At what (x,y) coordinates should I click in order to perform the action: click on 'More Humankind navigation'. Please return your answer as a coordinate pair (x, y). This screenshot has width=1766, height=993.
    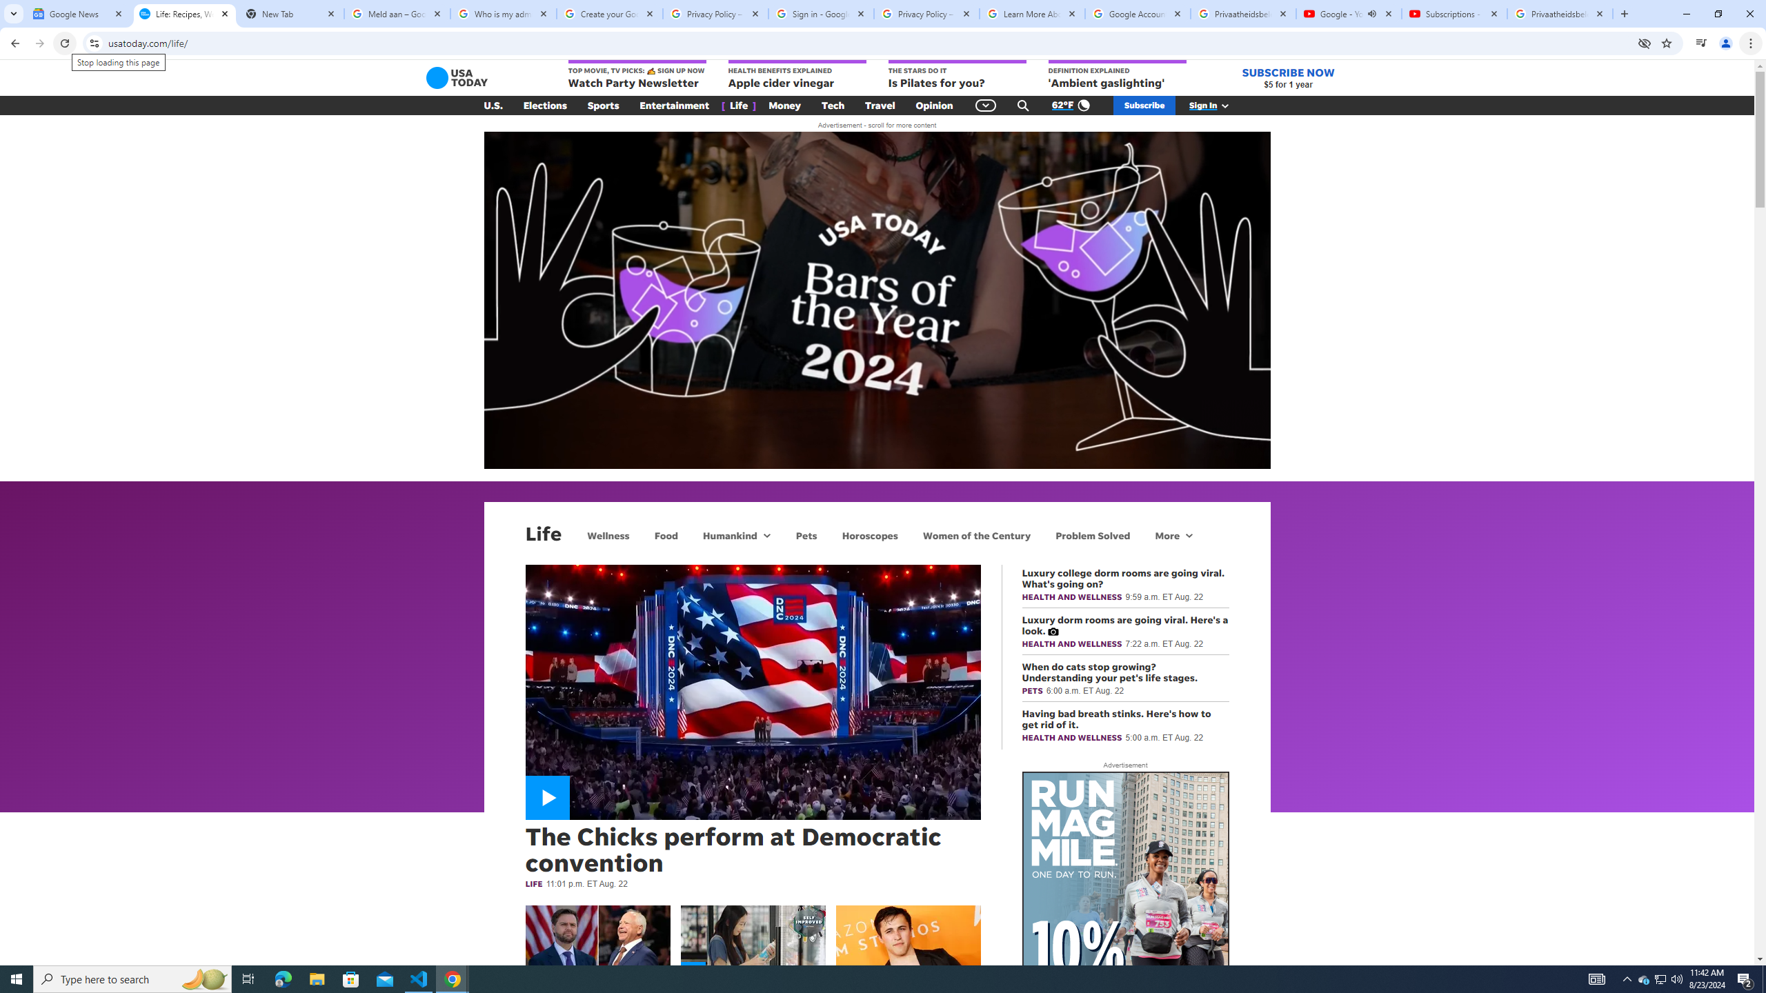
    Looking at the image, I should click on (766, 534).